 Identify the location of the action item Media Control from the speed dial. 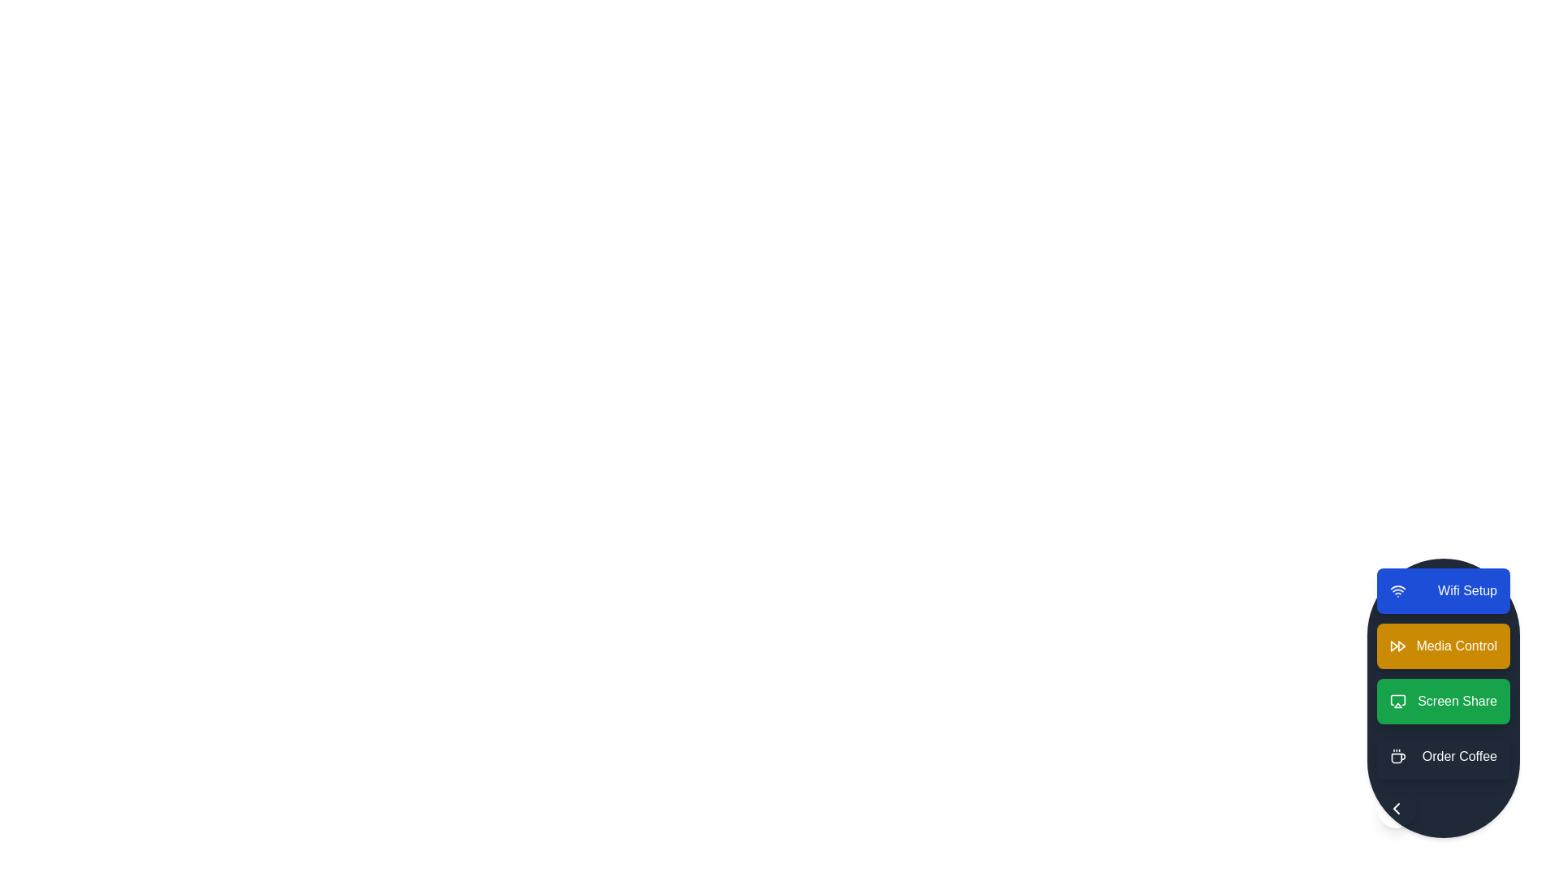
(1444, 645).